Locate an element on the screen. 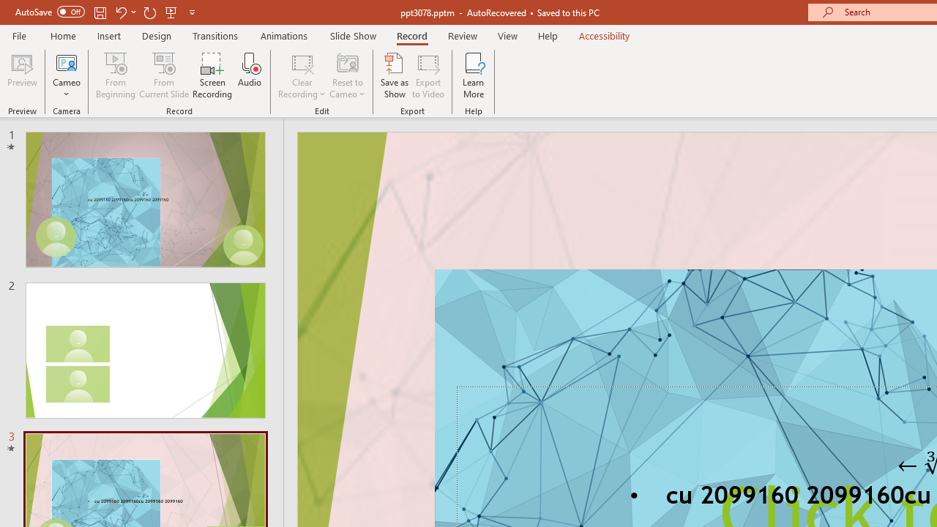 The width and height of the screenshot is (937, 527). 'Insert' is located at coordinates (108, 35).